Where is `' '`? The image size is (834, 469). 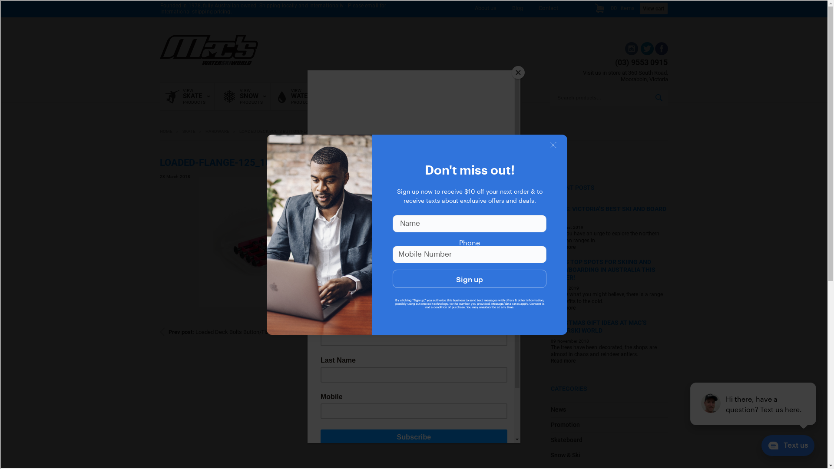 ' ' is located at coordinates (646, 53).